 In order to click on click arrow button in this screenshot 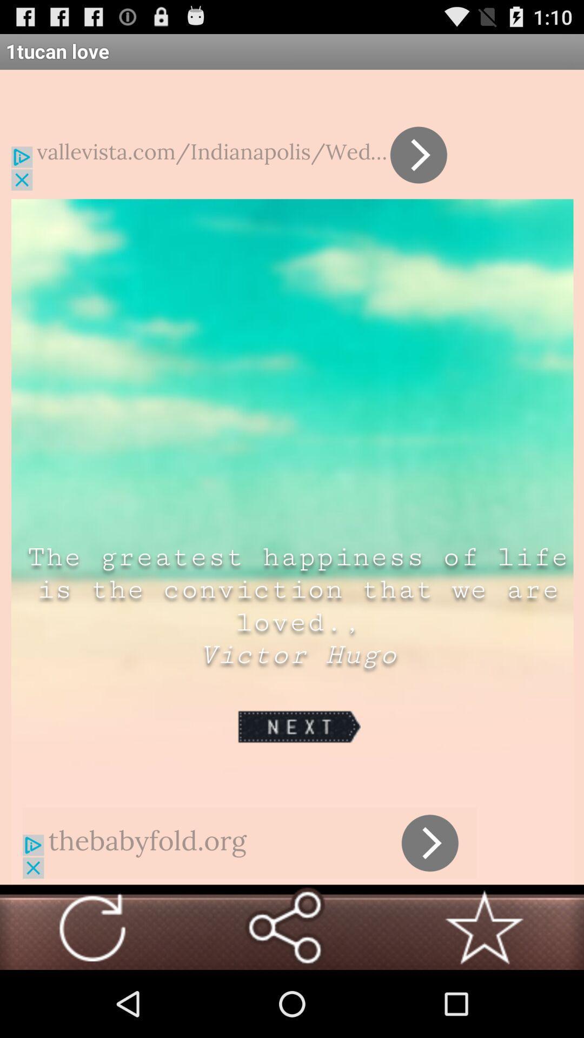, I will do `click(91, 927)`.